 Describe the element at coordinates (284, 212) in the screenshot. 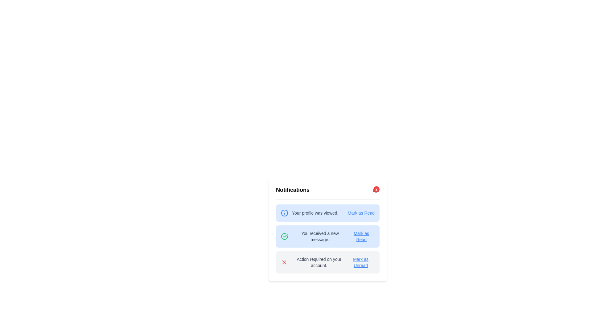

I see `the visual indicator icon associated with the notification stating 'Your profile was viewed.'` at that location.